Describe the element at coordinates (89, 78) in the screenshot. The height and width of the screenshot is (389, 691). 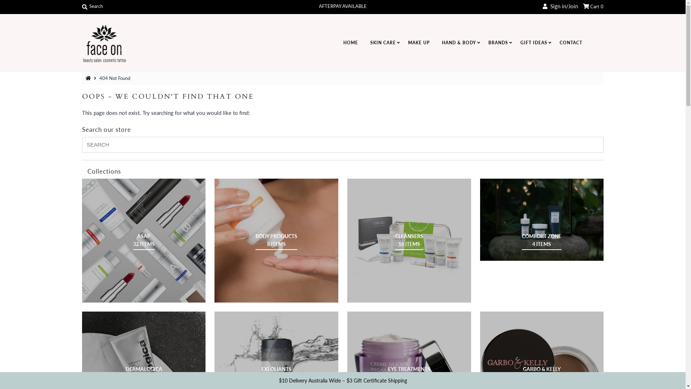
I see `'Back to the frontpage'` at that location.